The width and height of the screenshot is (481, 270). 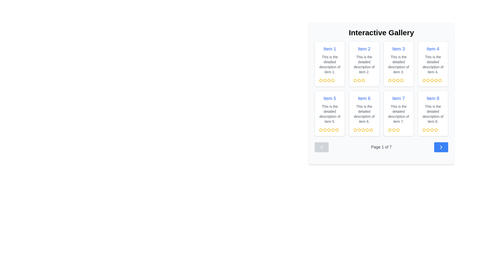 What do you see at coordinates (398, 80) in the screenshot?
I see `the individual stars in the Rating component for 'Item 3' located in the third card of the 'Interactive Gallery' to update the rating` at bounding box center [398, 80].